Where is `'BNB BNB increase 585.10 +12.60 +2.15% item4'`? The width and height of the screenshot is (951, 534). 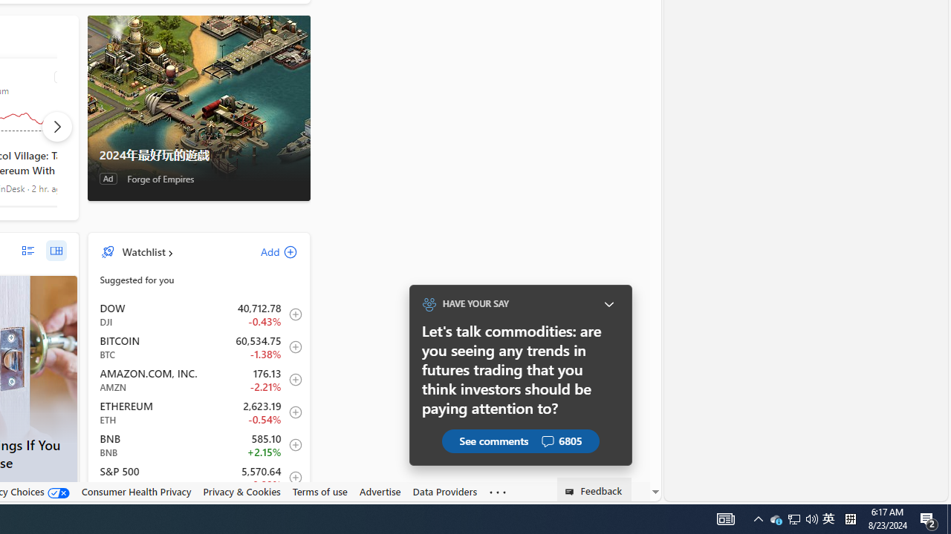
'BNB BNB increase 585.10 +12.60 +2.15% item4' is located at coordinates (198, 444).